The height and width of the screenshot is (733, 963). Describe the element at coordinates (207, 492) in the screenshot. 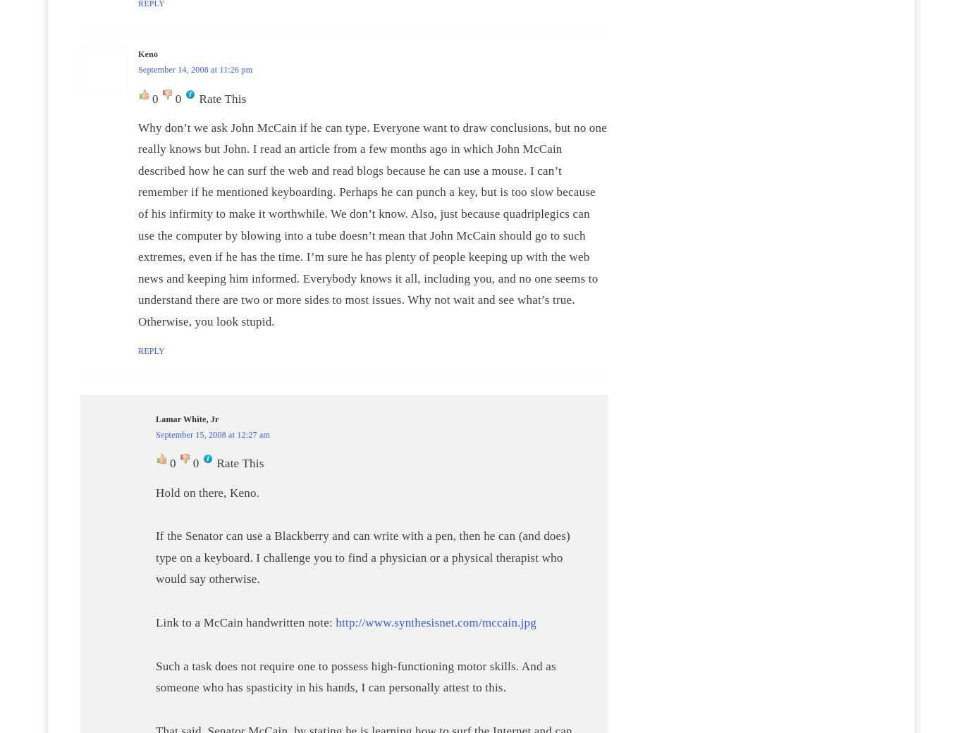

I see `'Hold on there, Keno.'` at that location.